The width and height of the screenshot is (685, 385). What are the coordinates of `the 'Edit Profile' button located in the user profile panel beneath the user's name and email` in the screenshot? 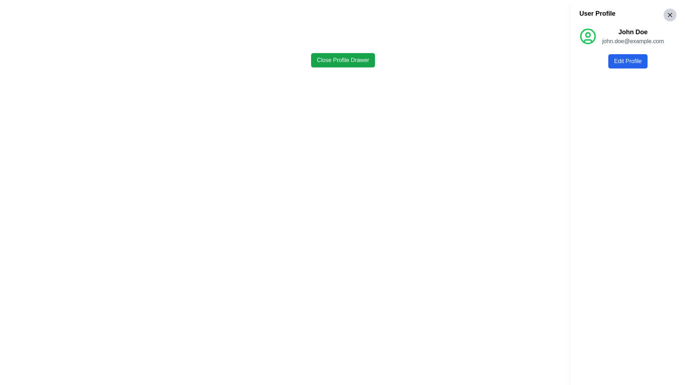 It's located at (628, 61).